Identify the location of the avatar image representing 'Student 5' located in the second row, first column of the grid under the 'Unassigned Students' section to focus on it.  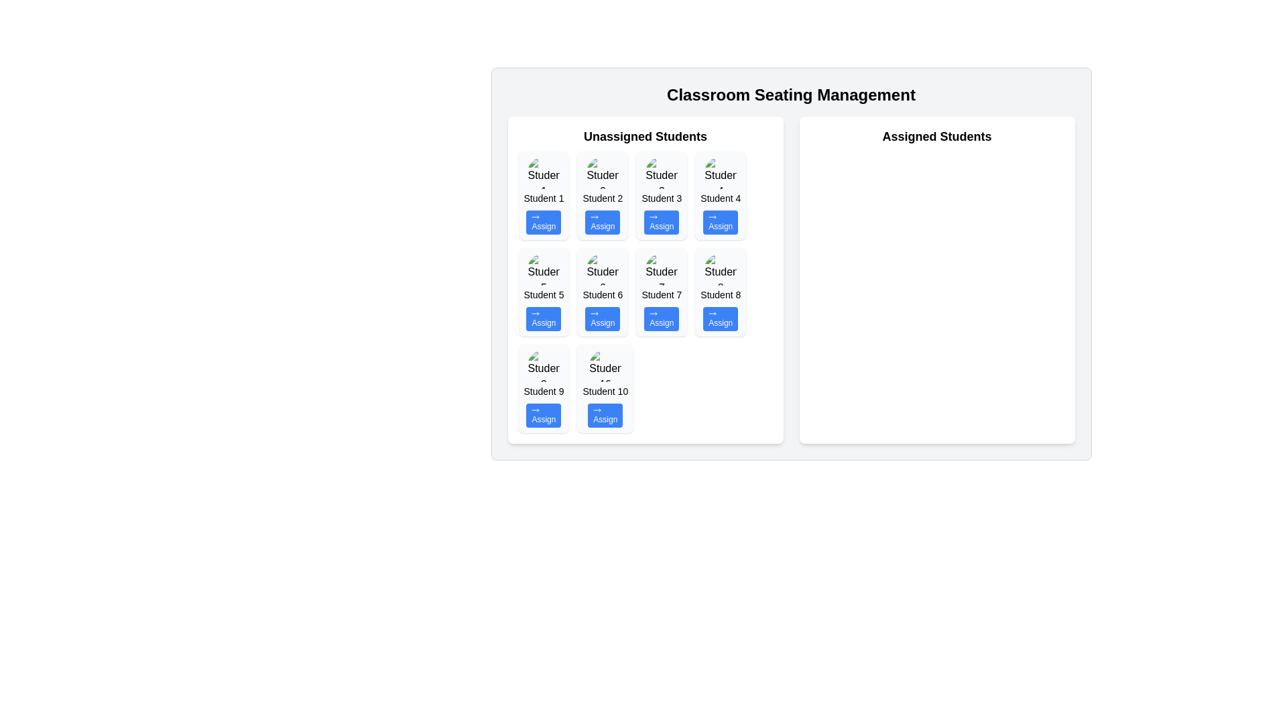
(544, 269).